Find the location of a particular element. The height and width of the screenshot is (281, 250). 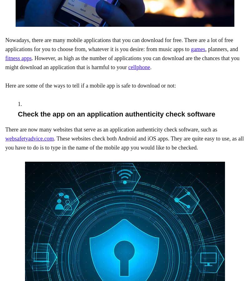

'Expedia' is located at coordinates (225, 33).